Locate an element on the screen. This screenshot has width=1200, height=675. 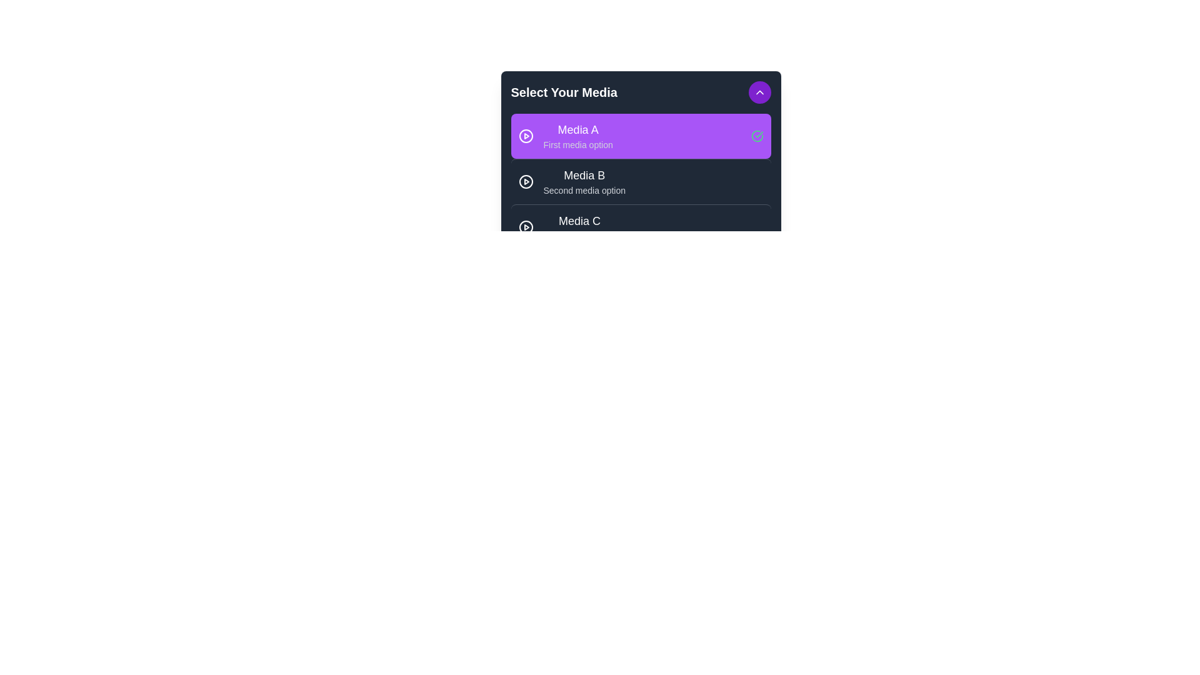
button in the header to toggle the menu visibility is located at coordinates (759, 91).